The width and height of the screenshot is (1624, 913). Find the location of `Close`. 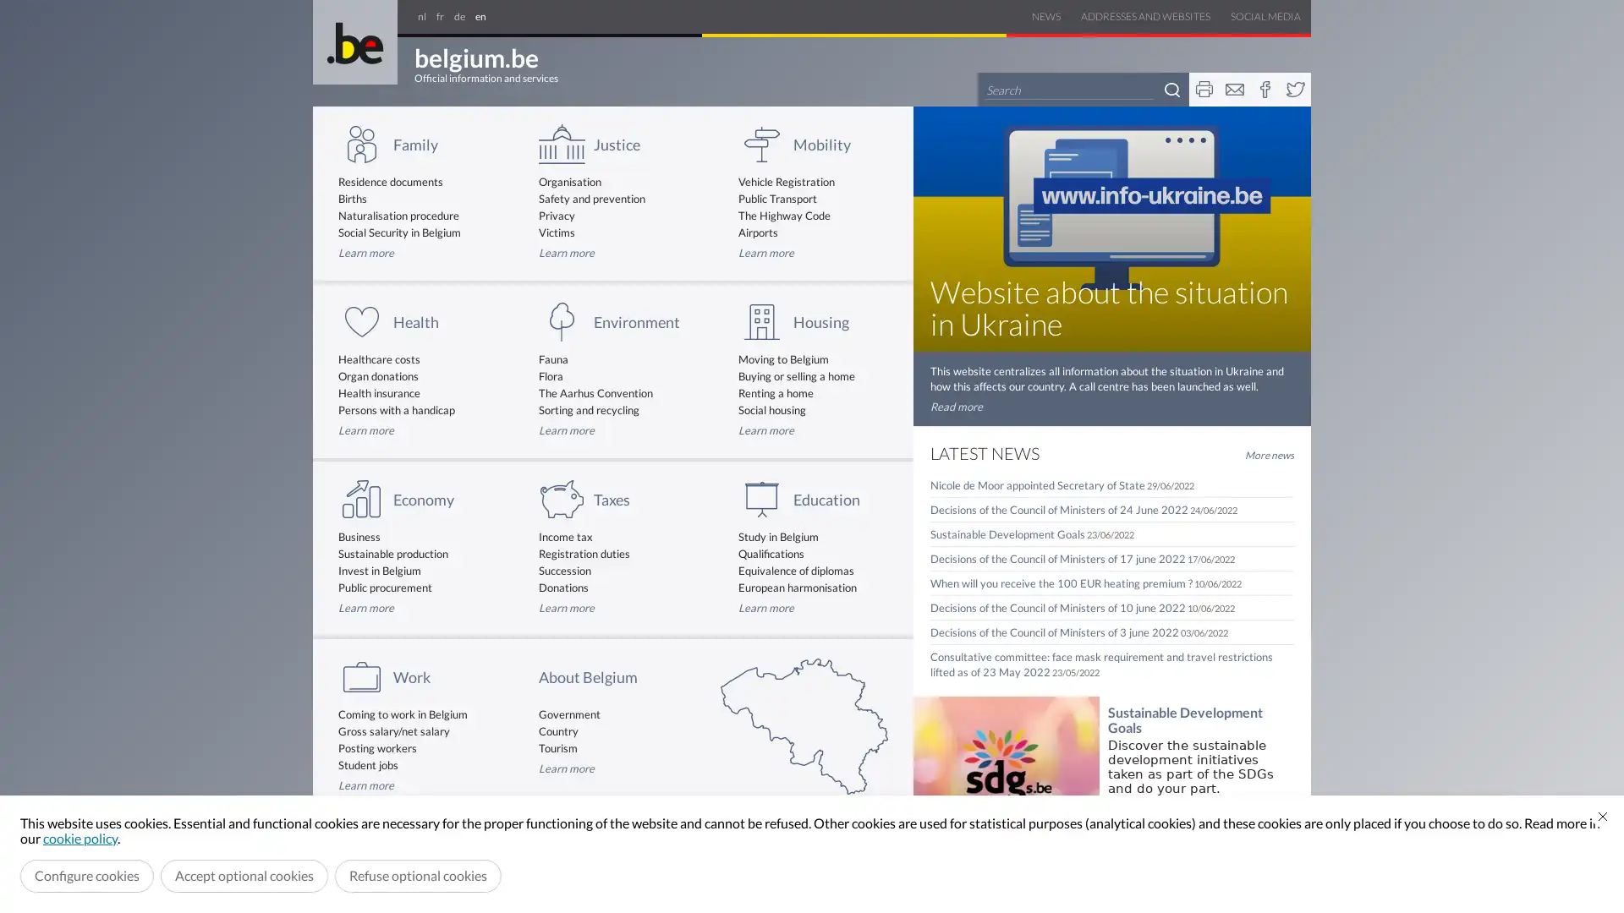

Close is located at coordinates (1602, 815).